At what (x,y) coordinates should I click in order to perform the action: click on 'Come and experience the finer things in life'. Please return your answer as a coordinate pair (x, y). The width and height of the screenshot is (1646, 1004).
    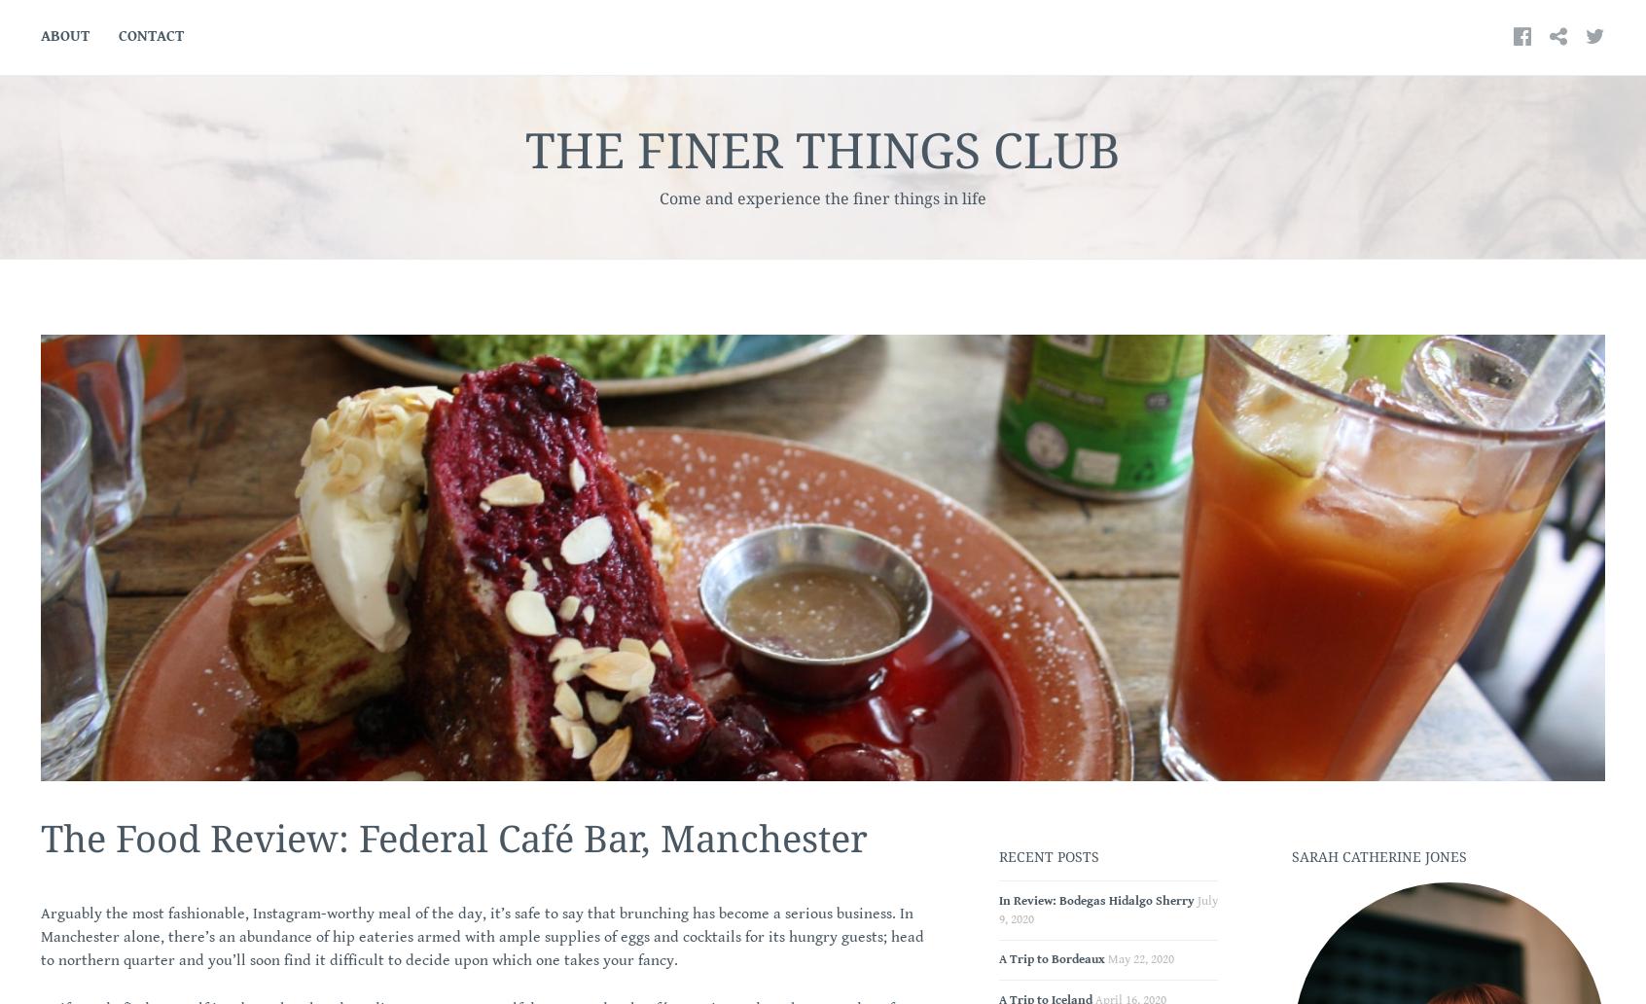
    Looking at the image, I should click on (823, 197).